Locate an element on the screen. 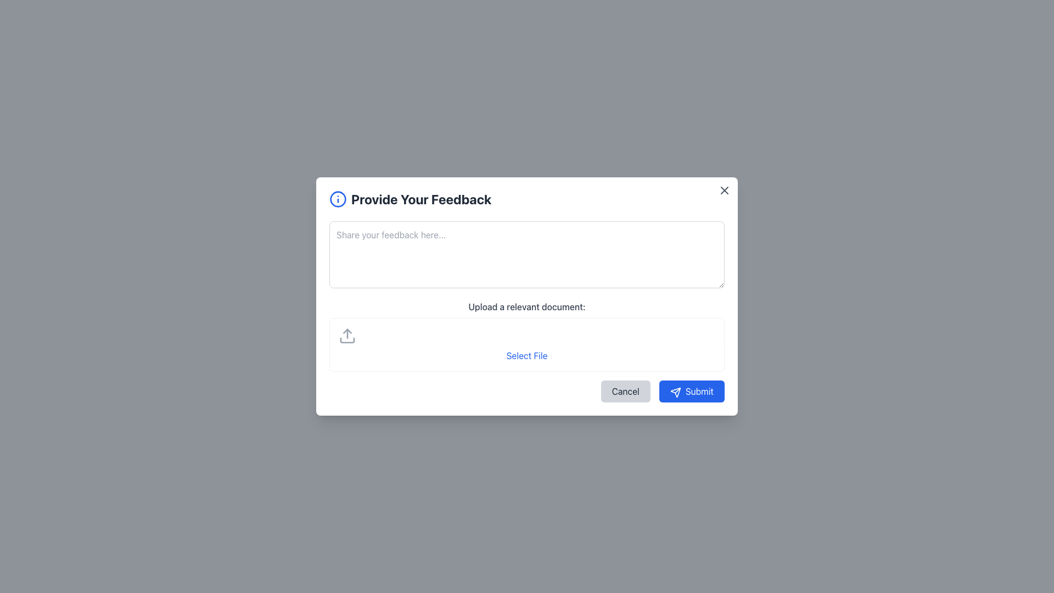 The height and width of the screenshot is (593, 1054). the close button located at the top-right corner of the 'Provide Your Feedback' modal is located at coordinates (725, 190).